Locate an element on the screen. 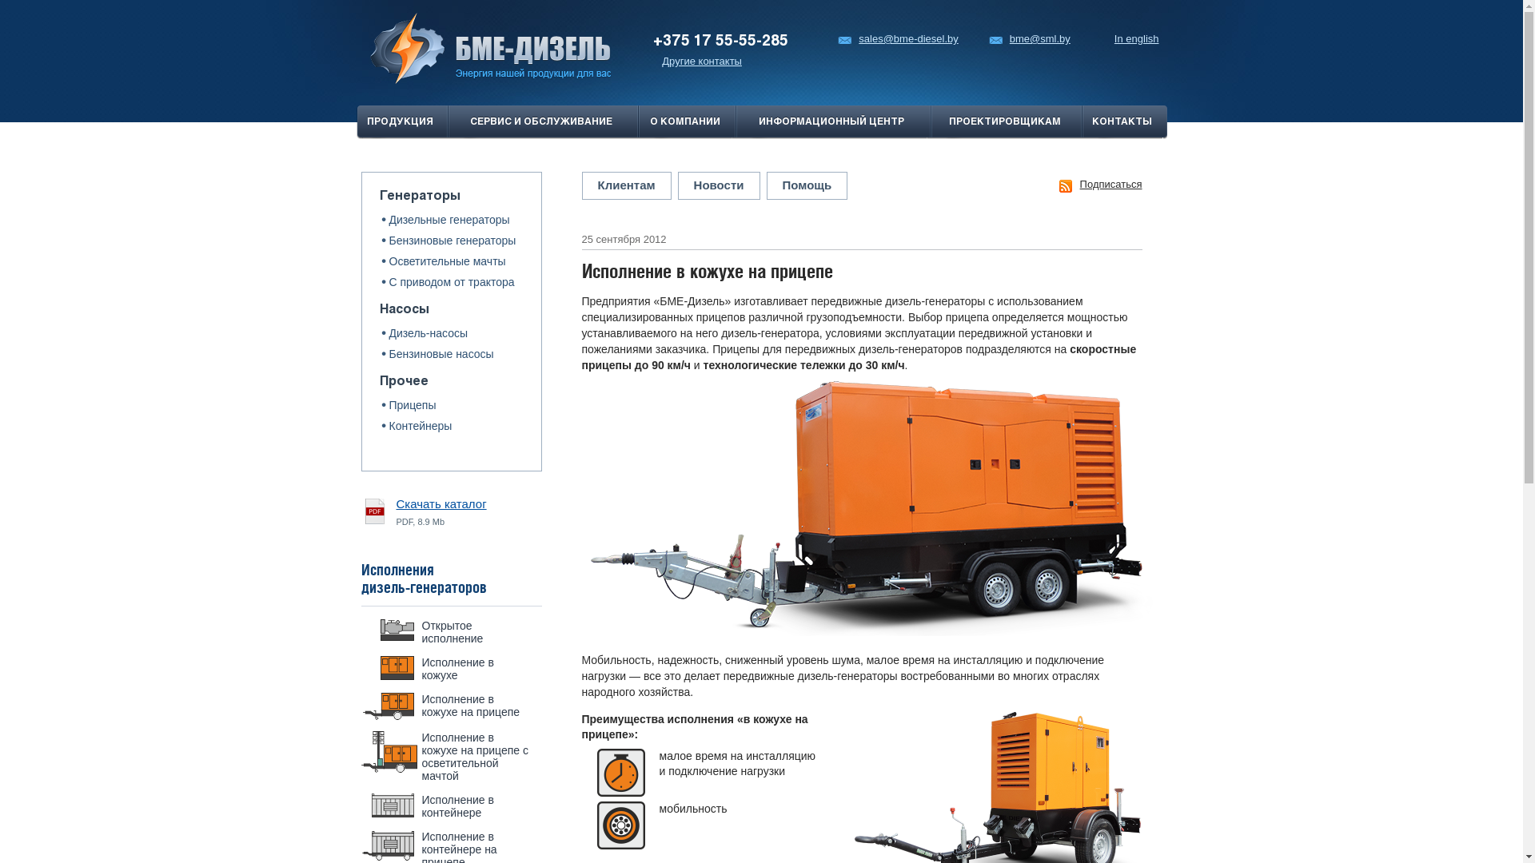 This screenshot has height=863, width=1535. 'sales@bme-diesel.by' is located at coordinates (898, 38).